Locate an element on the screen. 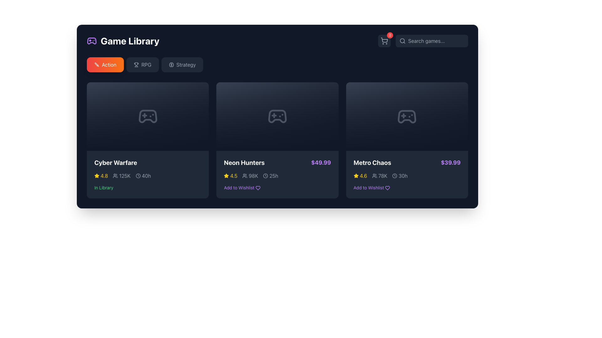  text label displaying '78K' in light gray color, located next to a user icon within the 'Metro Chaos' card is located at coordinates (383, 176).